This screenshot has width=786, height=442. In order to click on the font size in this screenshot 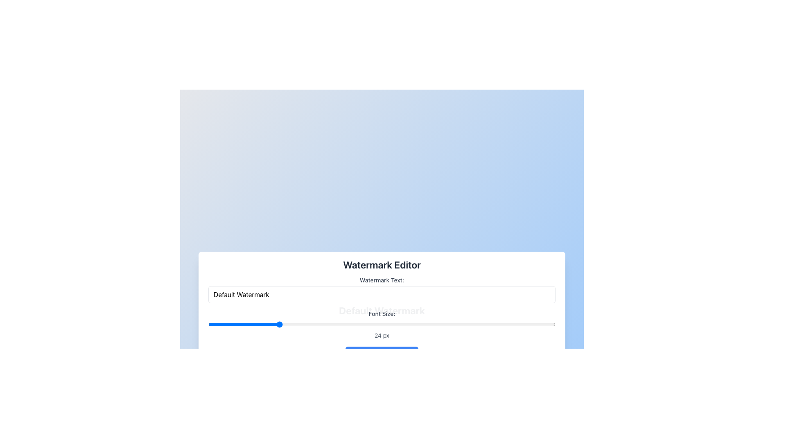, I will do `click(466, 324)`.